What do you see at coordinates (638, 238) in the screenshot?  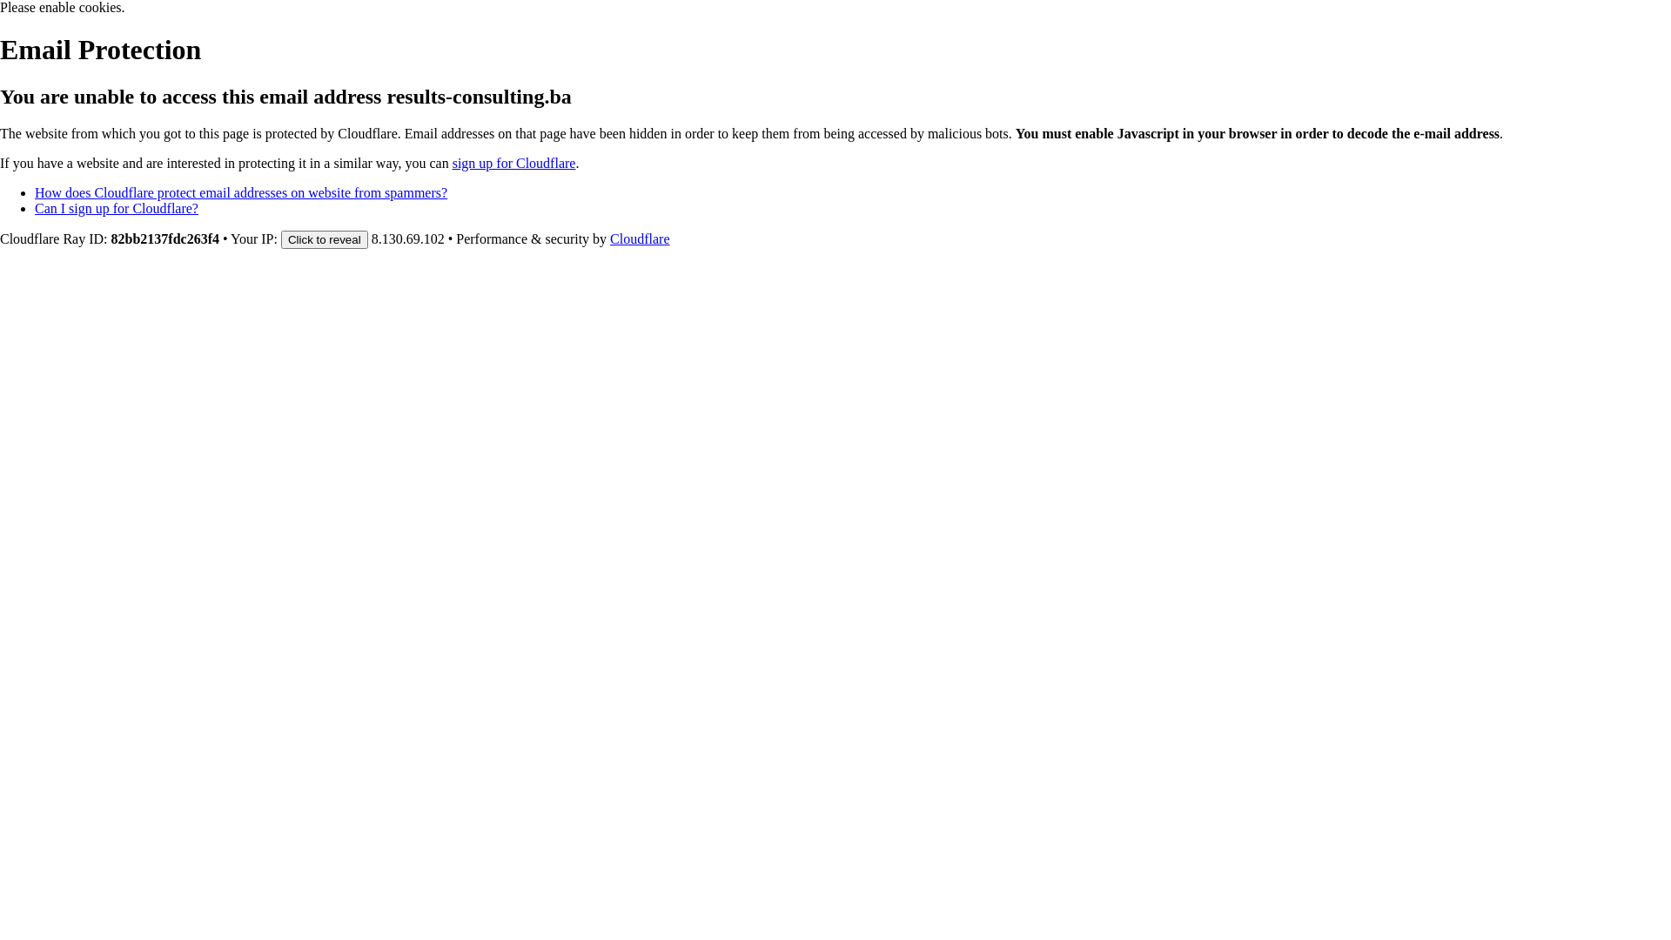 I see `'Cloudflare'` at bounding box center [638, 238].